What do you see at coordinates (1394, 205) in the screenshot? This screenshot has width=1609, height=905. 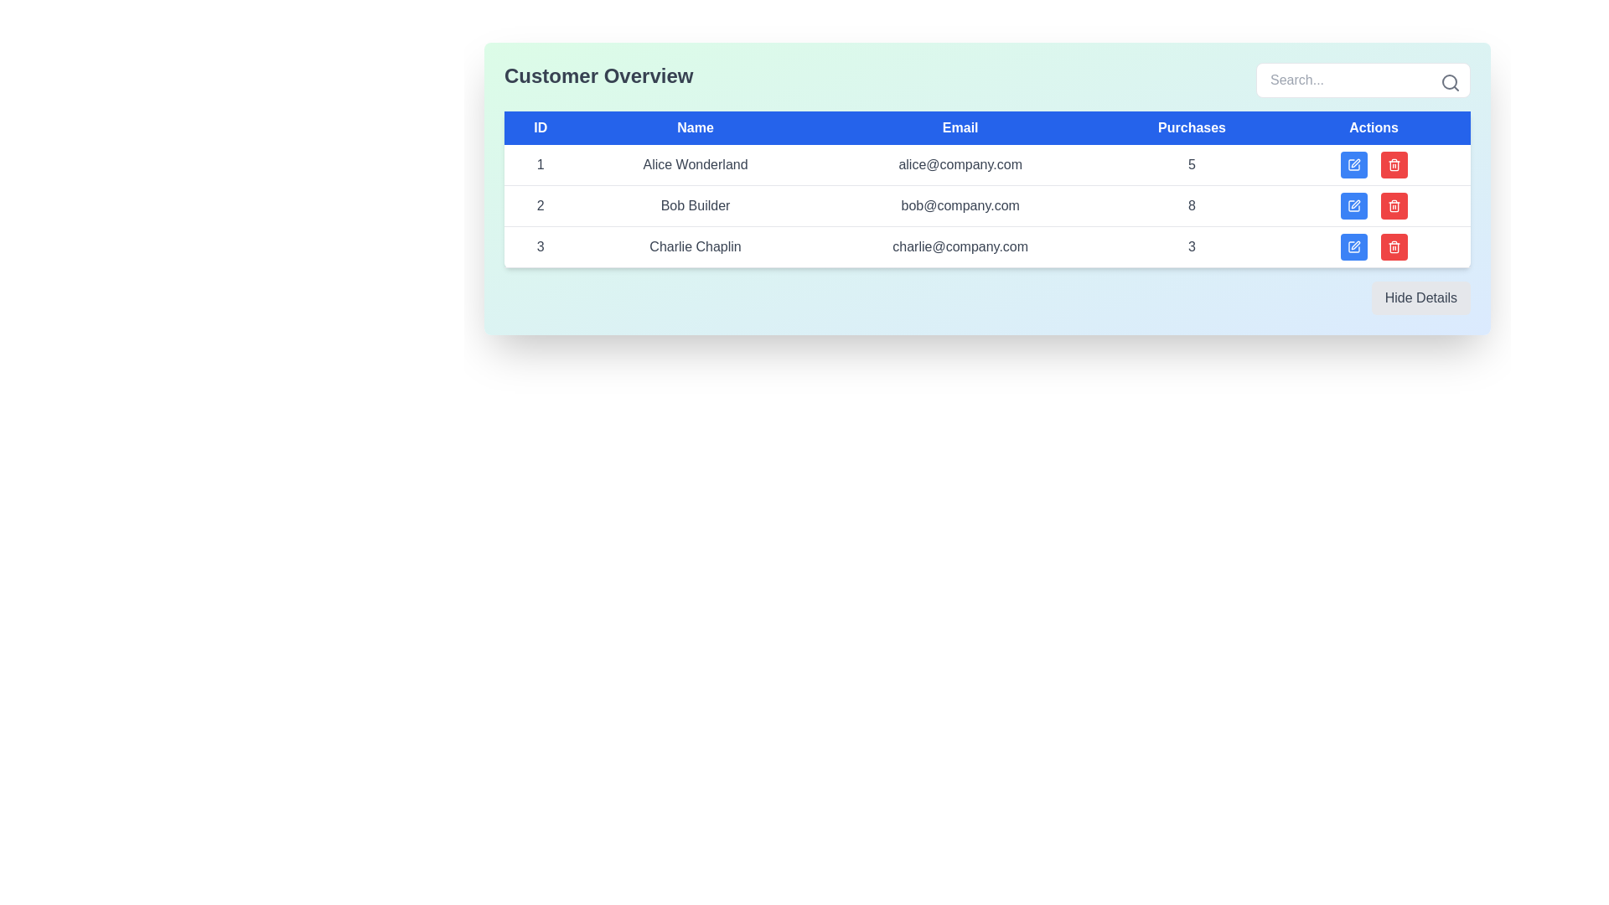 I see `the delete icon located in the 'Actions' column of the third row of the visible table` at bounding box center [1394, 205].